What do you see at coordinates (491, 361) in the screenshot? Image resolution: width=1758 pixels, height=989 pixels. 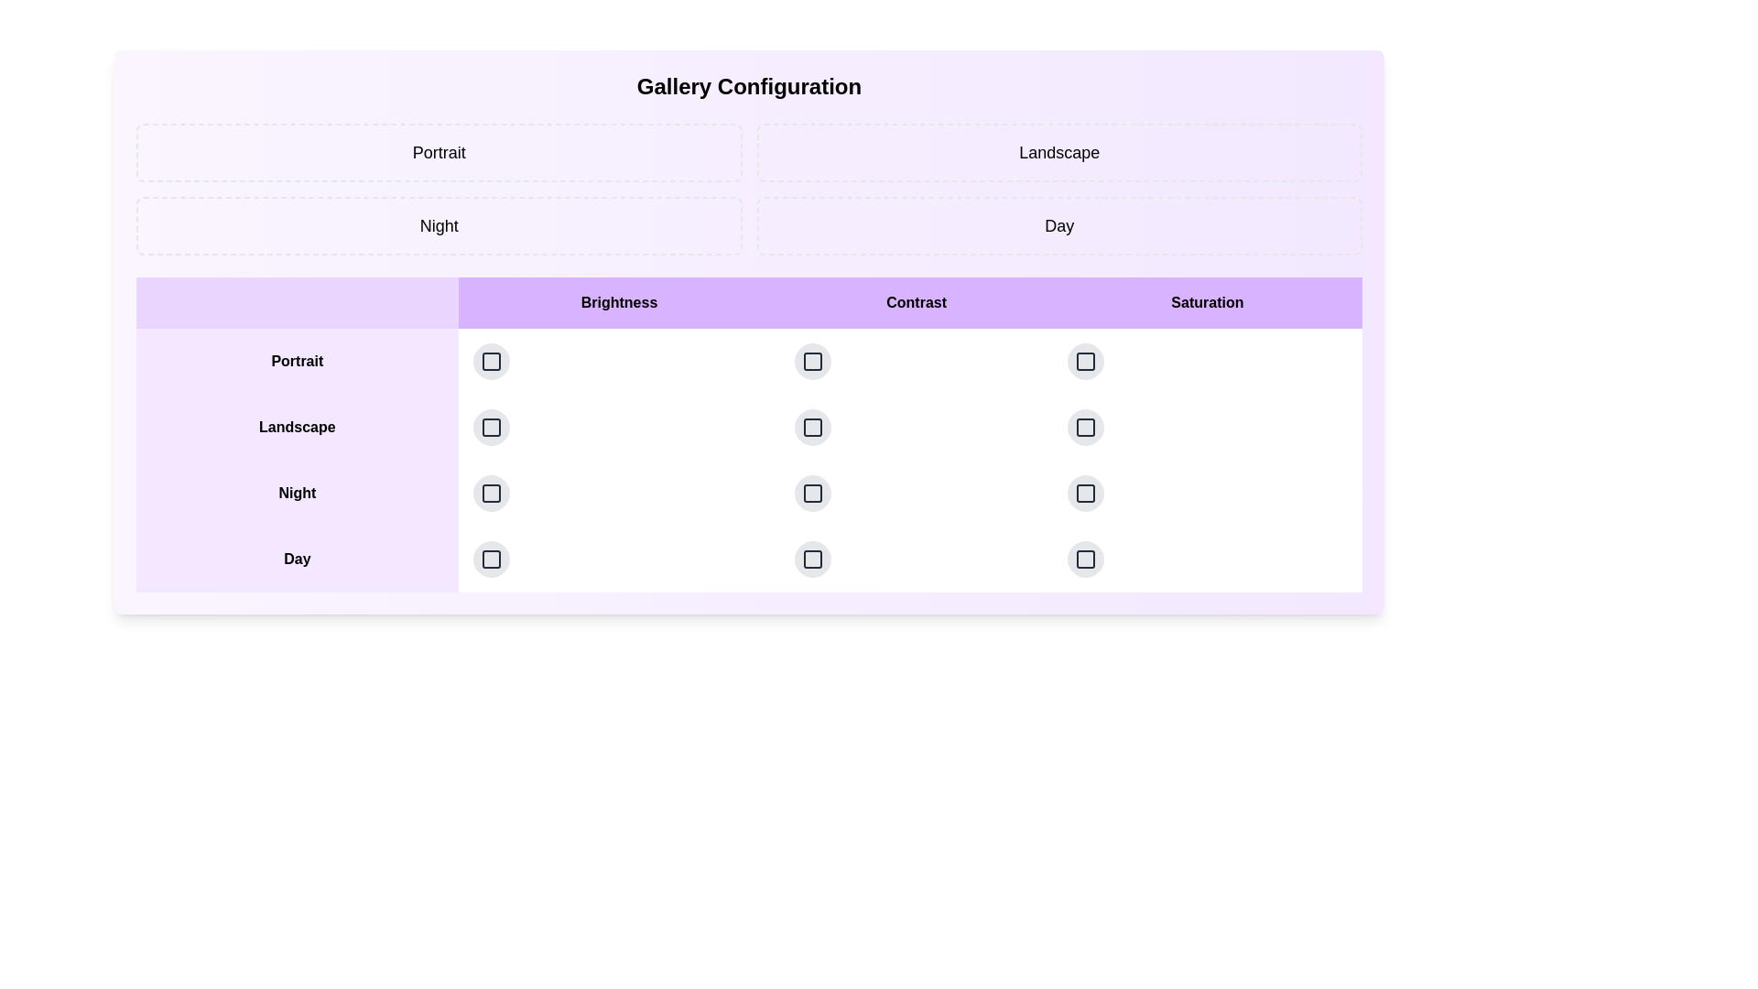 I see `the first checkbox under the 'Brightness' column` at bounding box center [491, 361].